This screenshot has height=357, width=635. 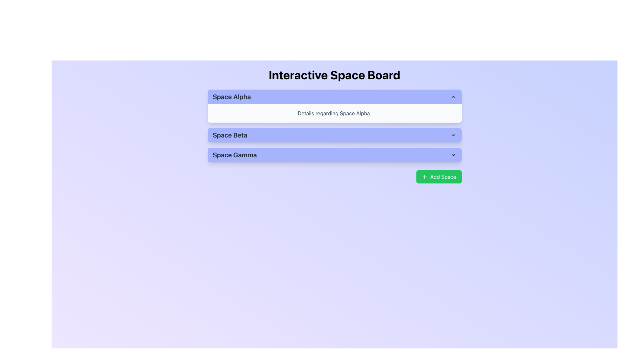 What do you see at coordinates (334, 75) in the screenshot?
I see `the text heading displaying the title 'Interactive Space Board', which is prominently styled in large, bold, center-aligned black text on a light background` at bounding box center [334, 75].